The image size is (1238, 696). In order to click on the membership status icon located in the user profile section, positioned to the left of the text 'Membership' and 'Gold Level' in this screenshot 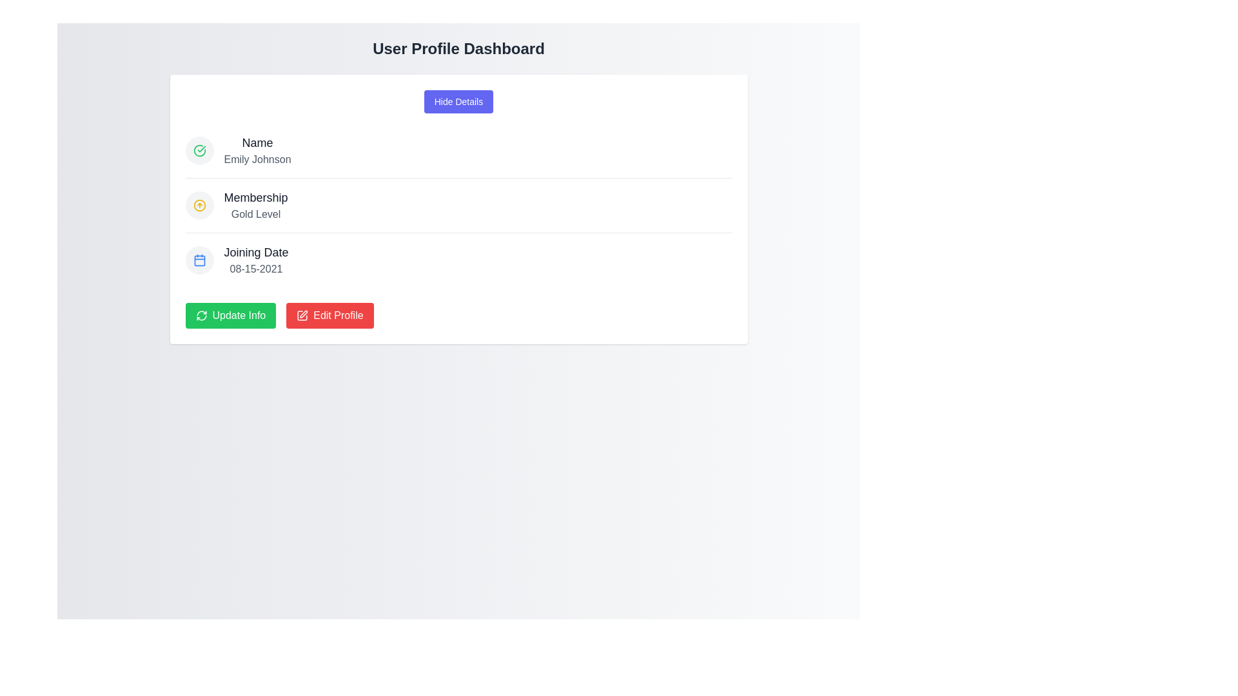, I will do `click(199, 205)`.